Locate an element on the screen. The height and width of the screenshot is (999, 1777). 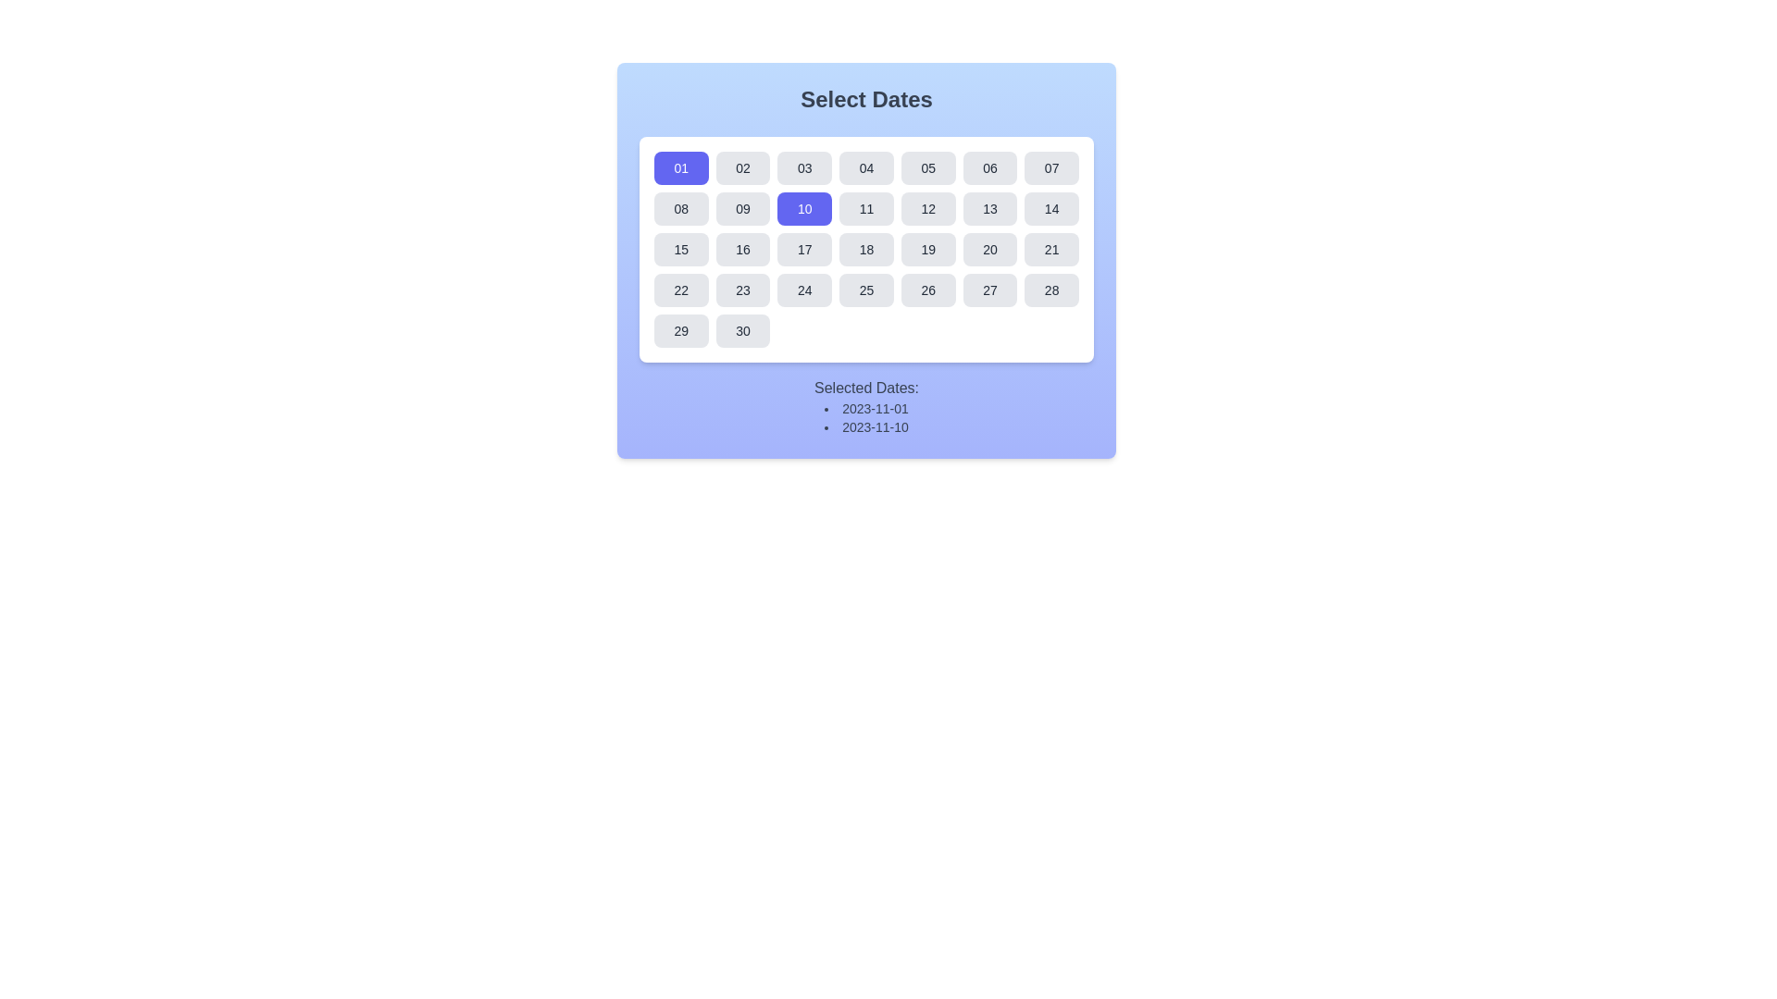
the button displaying '26', located in the sixth row and sixth column of the calendar layout is located at coordinates (928, 290).